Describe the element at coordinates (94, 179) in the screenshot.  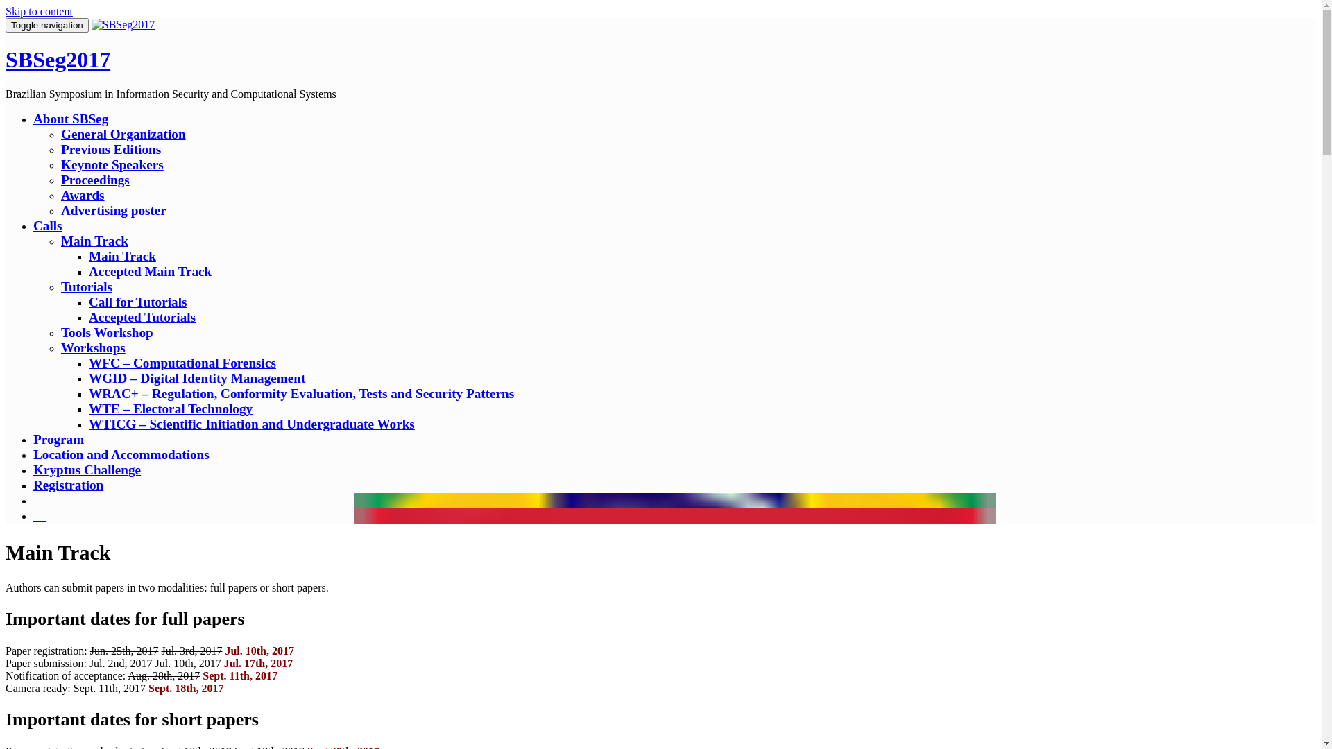
I see `'Proceedings'` at that location.